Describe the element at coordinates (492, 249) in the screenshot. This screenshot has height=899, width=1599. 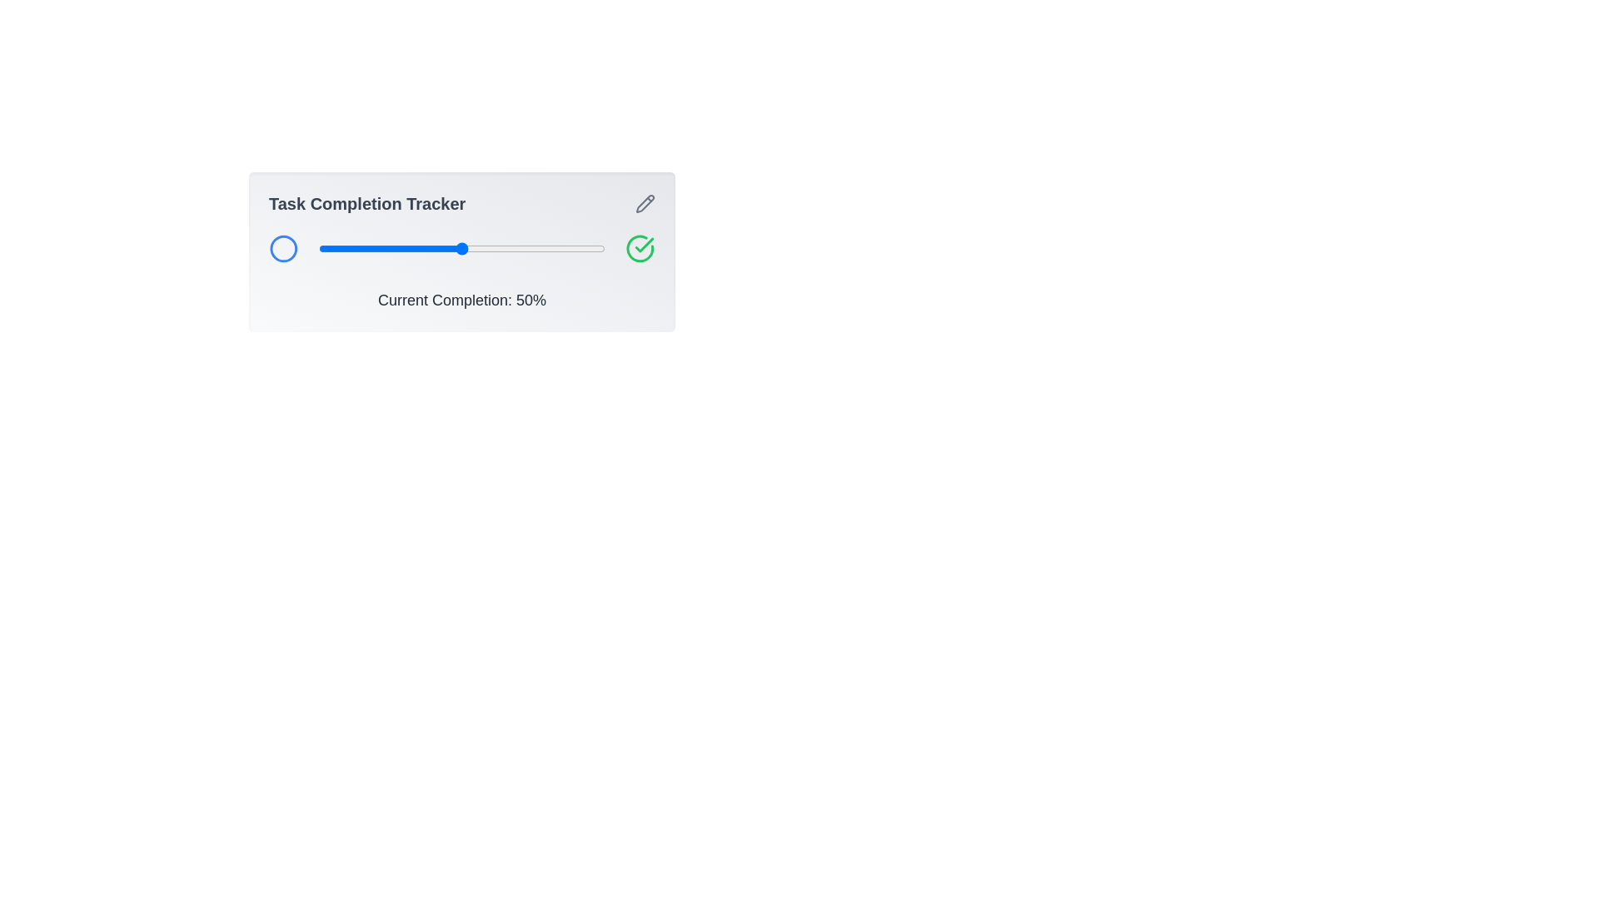
I see `the slider to set the task completion percentage to 61` at that location.